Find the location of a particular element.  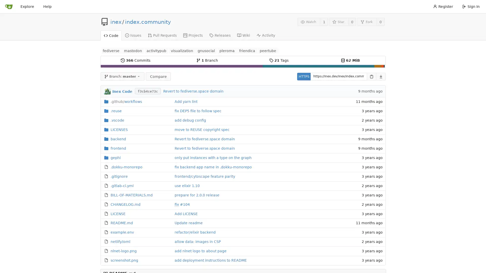

Watch is located at coordinates (308, 21).